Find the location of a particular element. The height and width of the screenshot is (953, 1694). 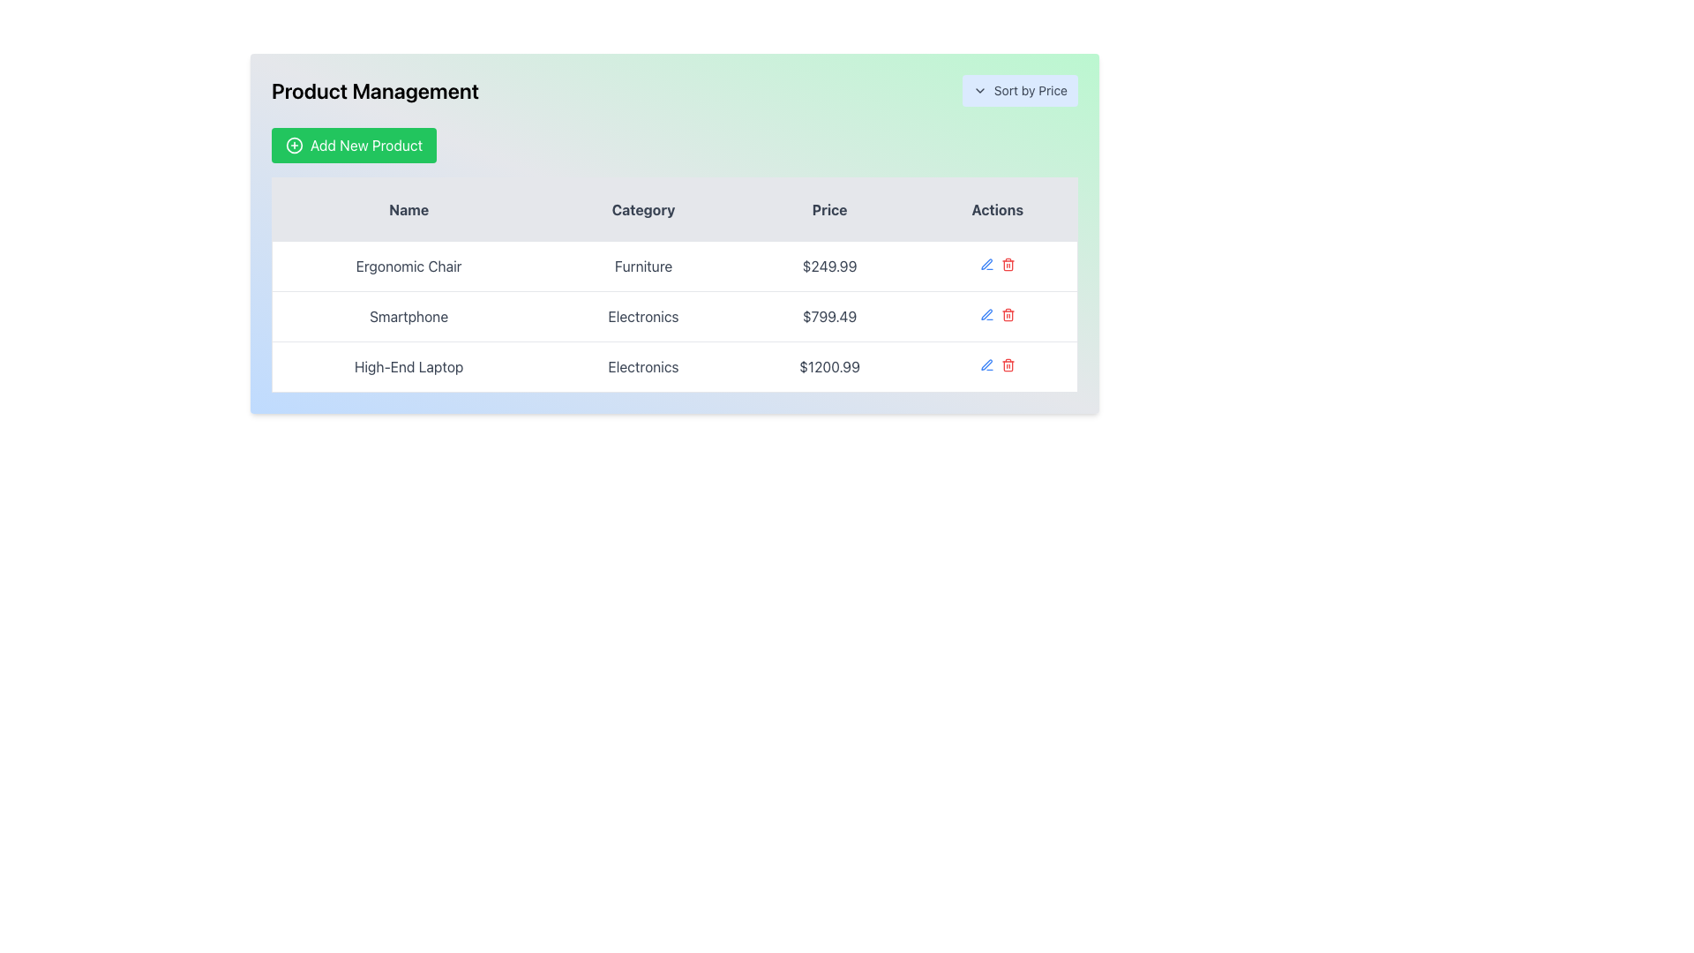

the 'Price' text label in the third column of the table header is located at coordinates (828, 208).